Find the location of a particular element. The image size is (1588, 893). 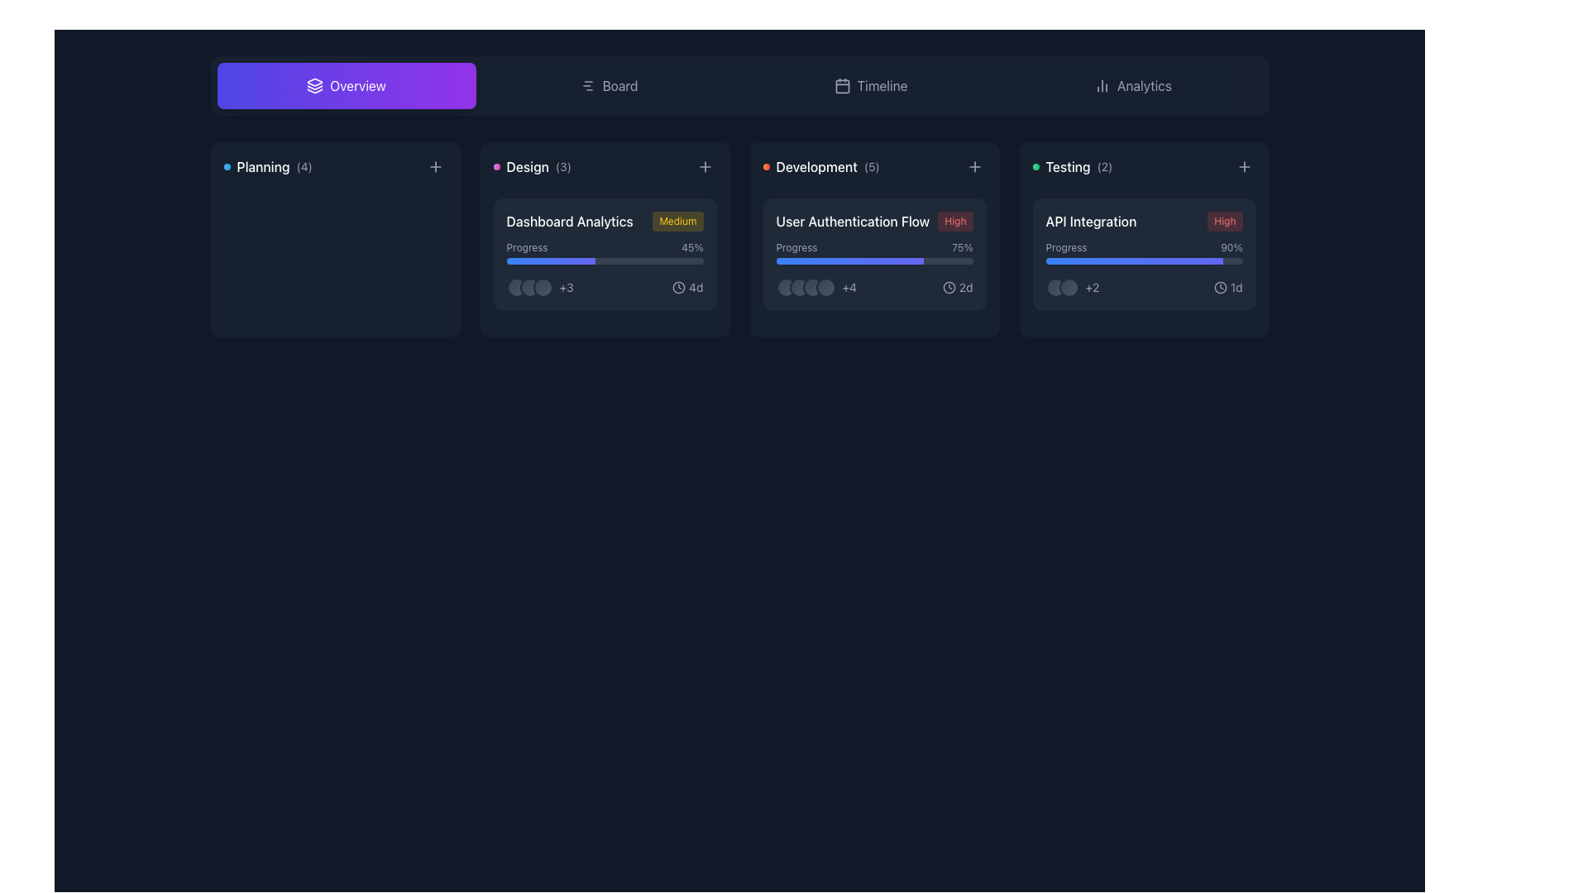

the Text label in the 'API Integration' card, which serves as an indicator or counter for additional items or users is located at coordinates (1092, 286).